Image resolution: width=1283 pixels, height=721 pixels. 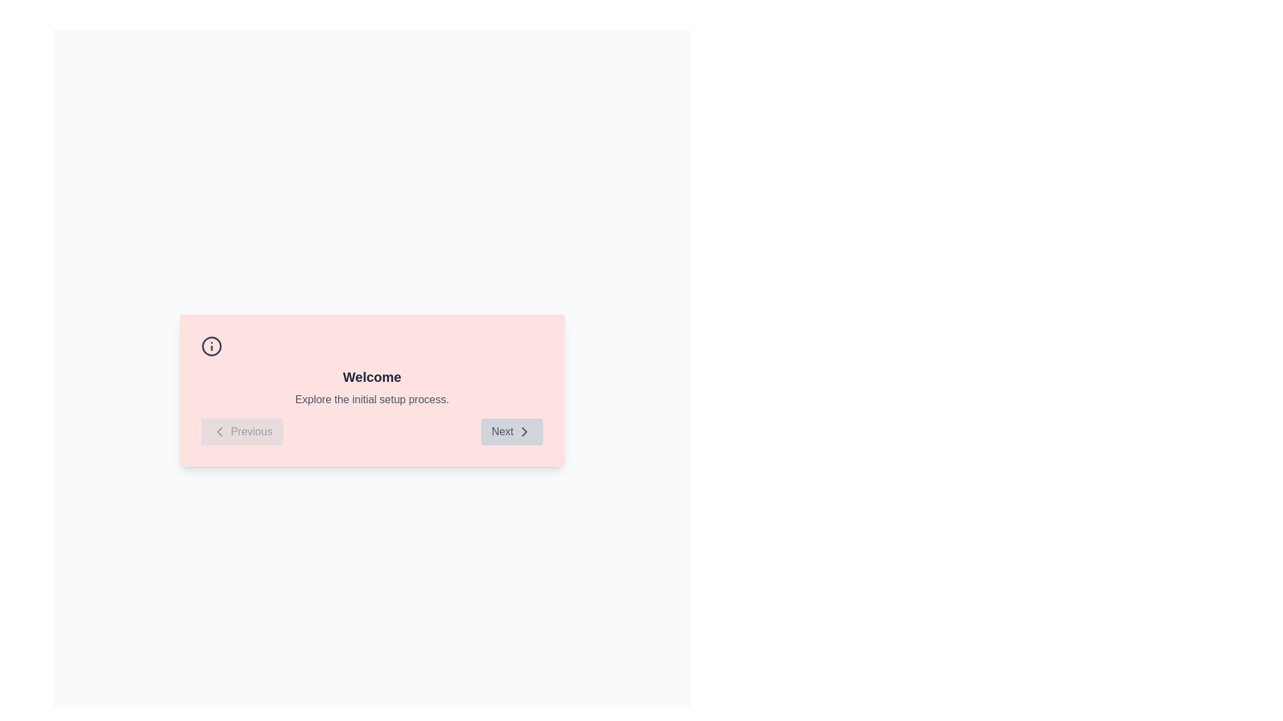 I want to click on the circular gray icon with an information symbol ('i') inside it, located at the upper-left corner of the card-like panel, so click(x=210, y=344).